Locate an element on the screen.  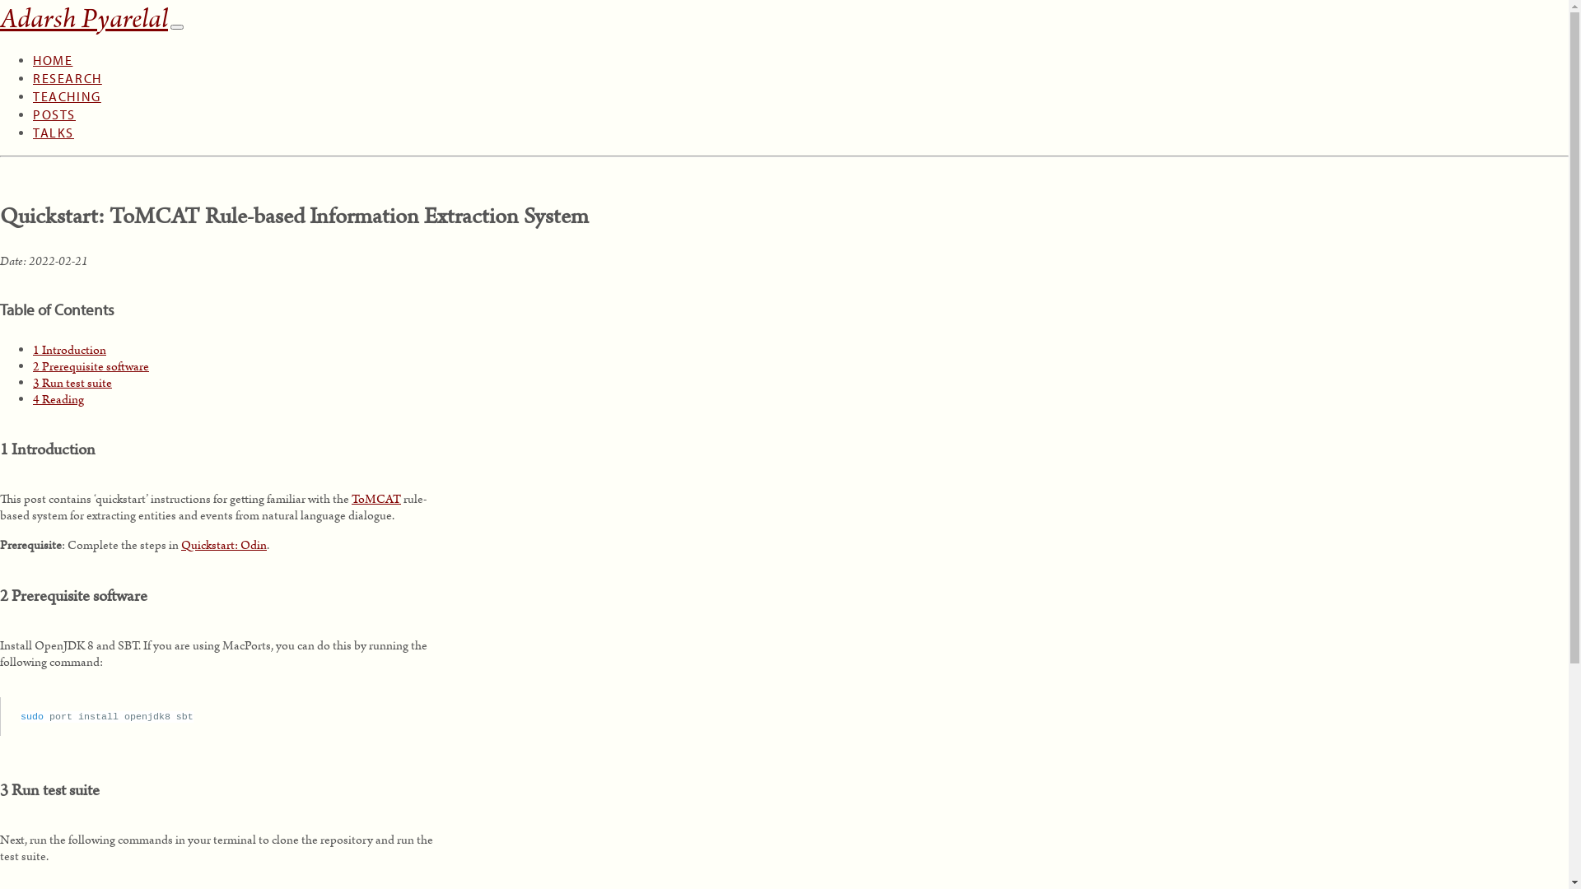
'2 Prerequisite software' is located at coordinates (90, 365).